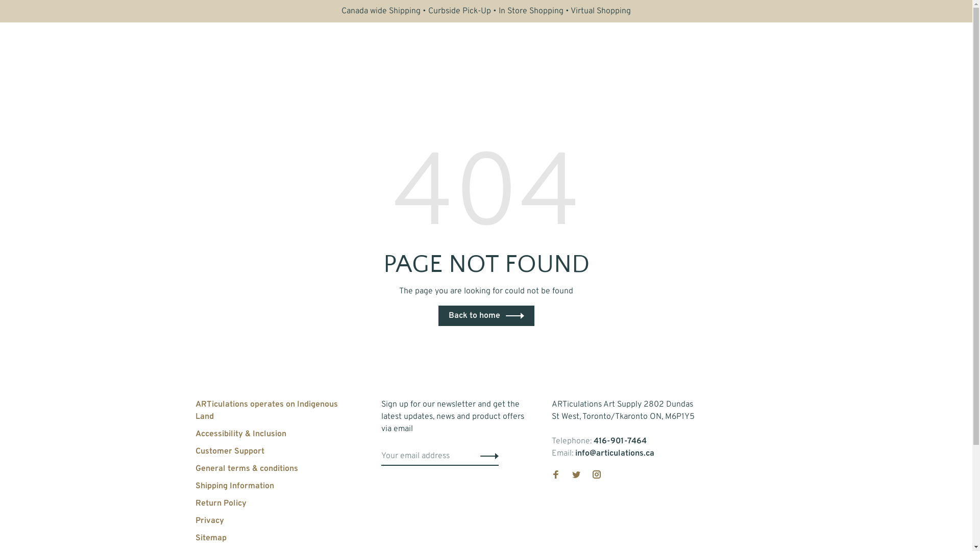 Image resolution: width=980 pixels, height=551 pixels. What do you see at coordinates (210, 538) in the screenshot?
I see `'Sitemap'` at bounding box center [210, 538].